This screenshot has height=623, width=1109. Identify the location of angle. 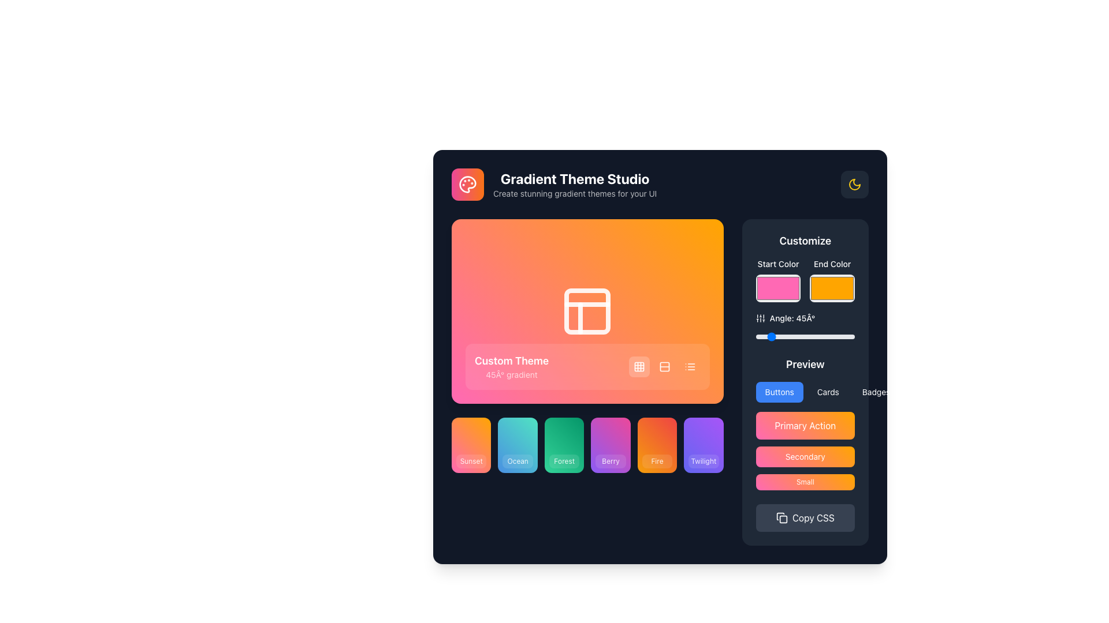
(840, 336).